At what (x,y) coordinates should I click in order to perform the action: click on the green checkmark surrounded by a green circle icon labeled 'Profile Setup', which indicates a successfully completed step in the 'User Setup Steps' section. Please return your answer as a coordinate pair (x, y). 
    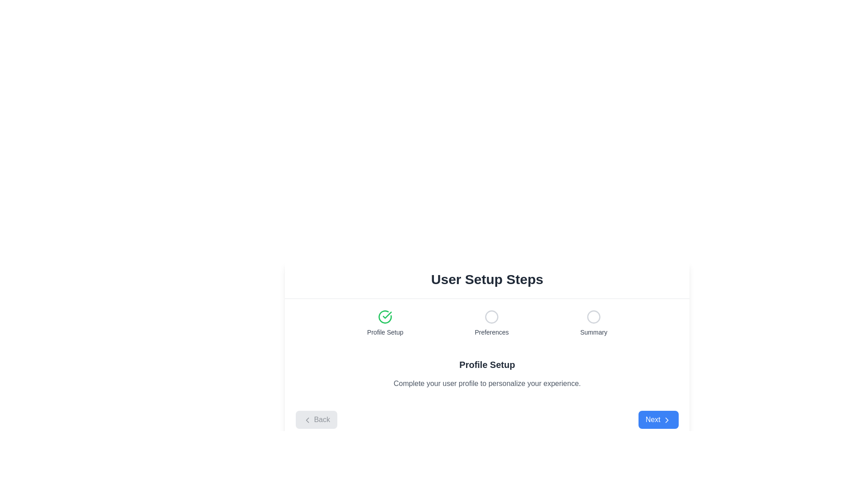
    Looking at the image, I should click on (385, 323).